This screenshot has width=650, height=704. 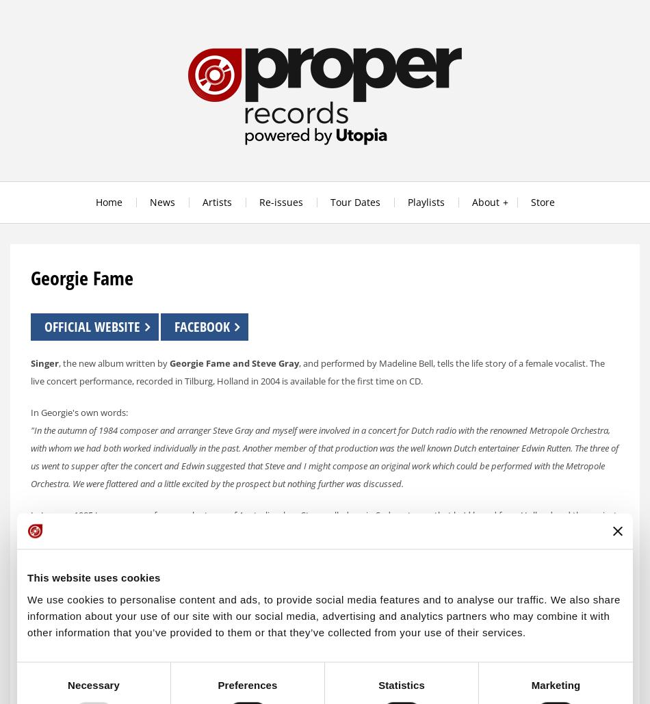 I want to click on 'Preferences', so click(x=246, y=684).